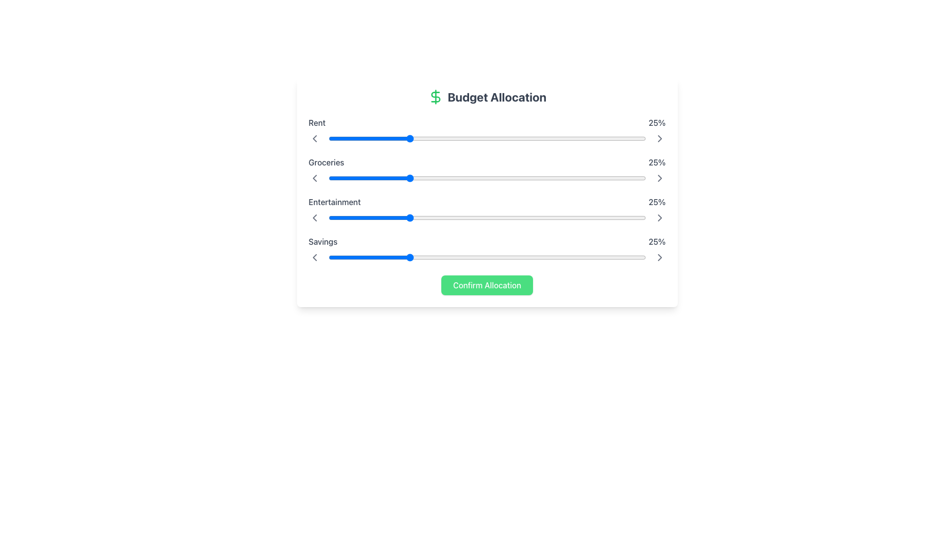  I want to click on the groceries allocation percentage, so click(474, 177).